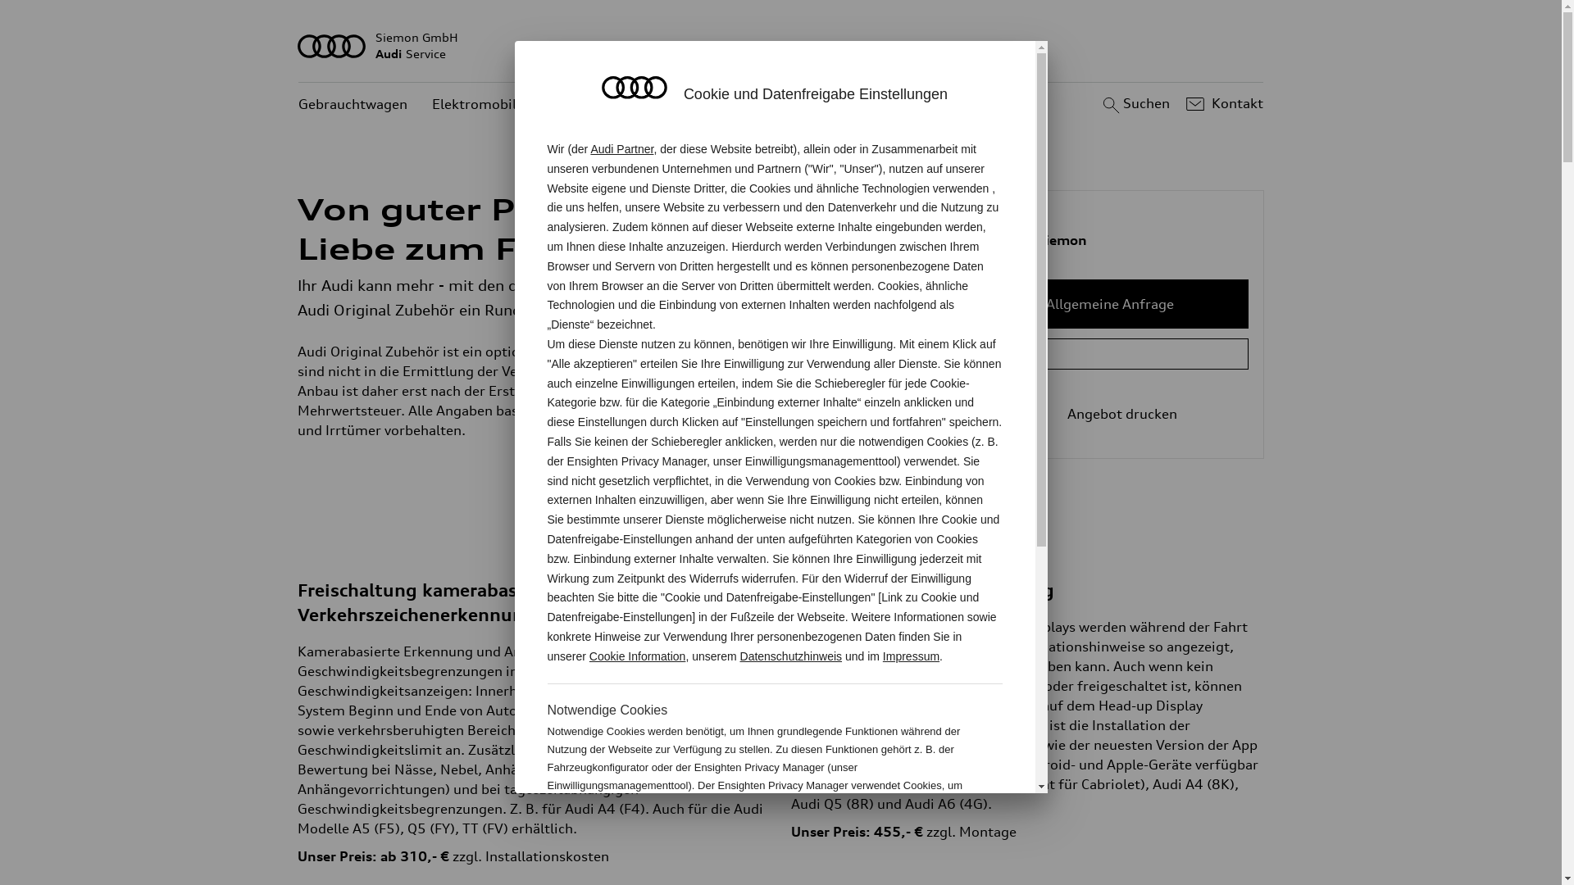 The width and height of the screenshot is (1574, 885). Describe the element at coordinates (1222, 104) in the screenshot. I see `'Kontakt'` at that location.